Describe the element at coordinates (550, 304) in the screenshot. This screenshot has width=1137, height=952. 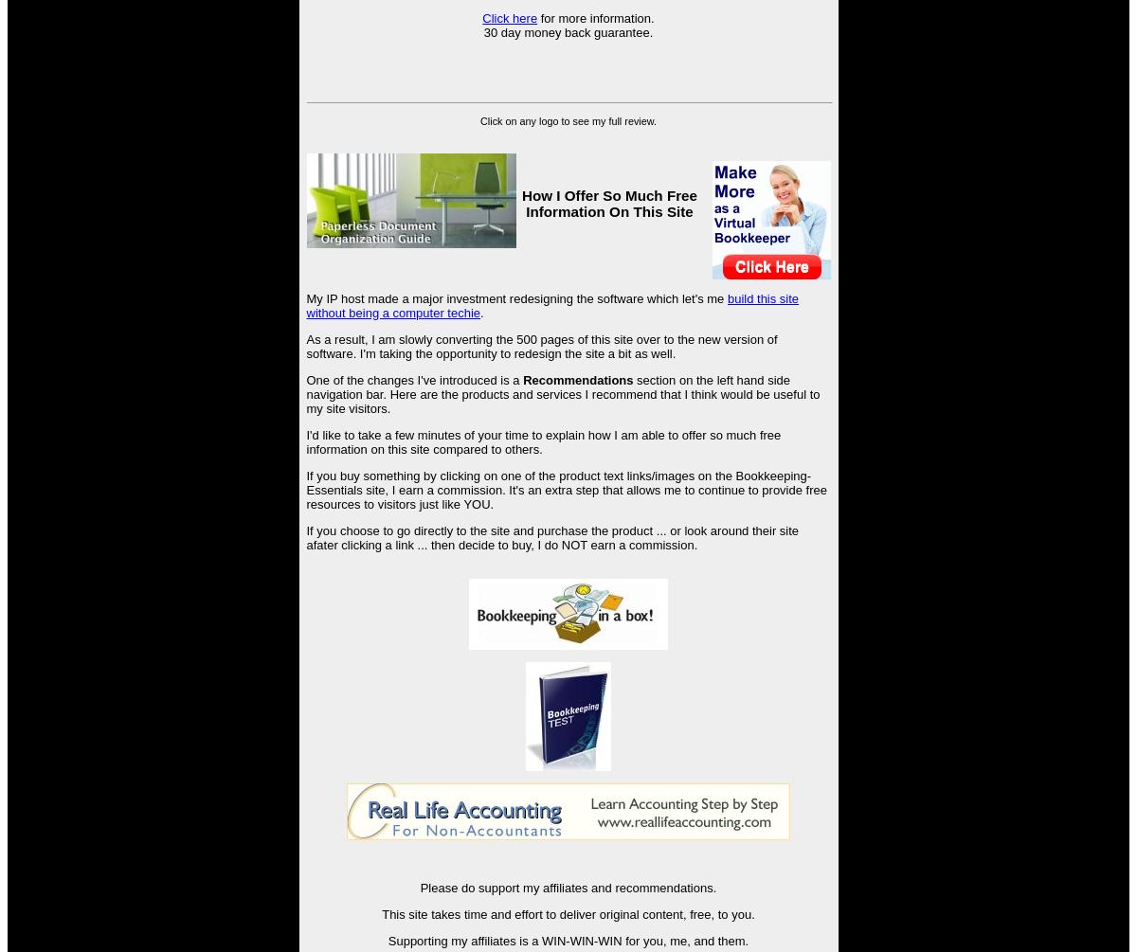
I see `'build this site without being a computer techie'` at that location.